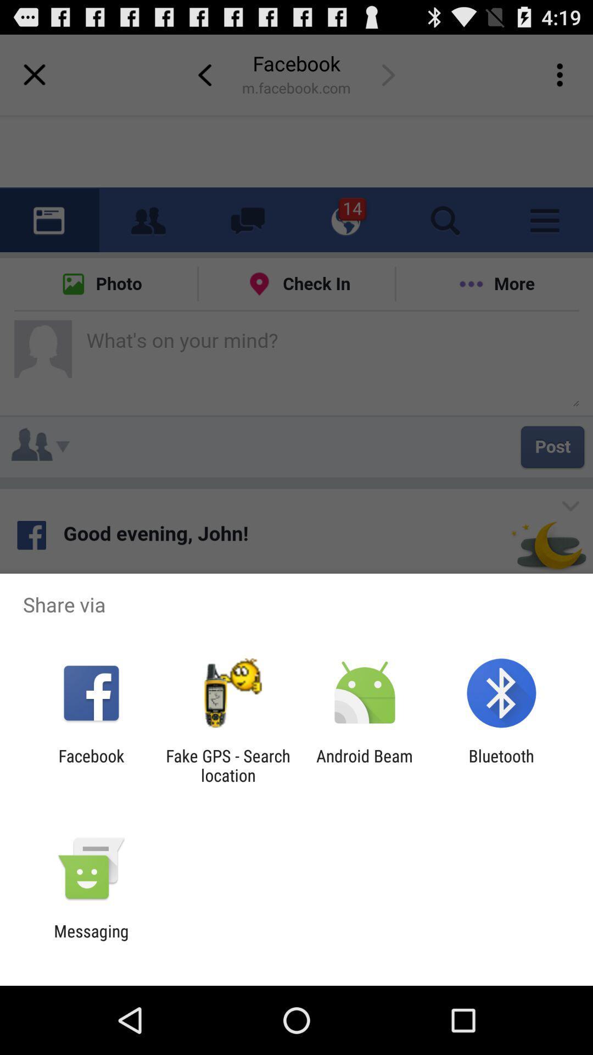  What do you see at coordinates (227, 765) in the screenshot?
I see `fake gps search icon` at bounding box center [227, 765].